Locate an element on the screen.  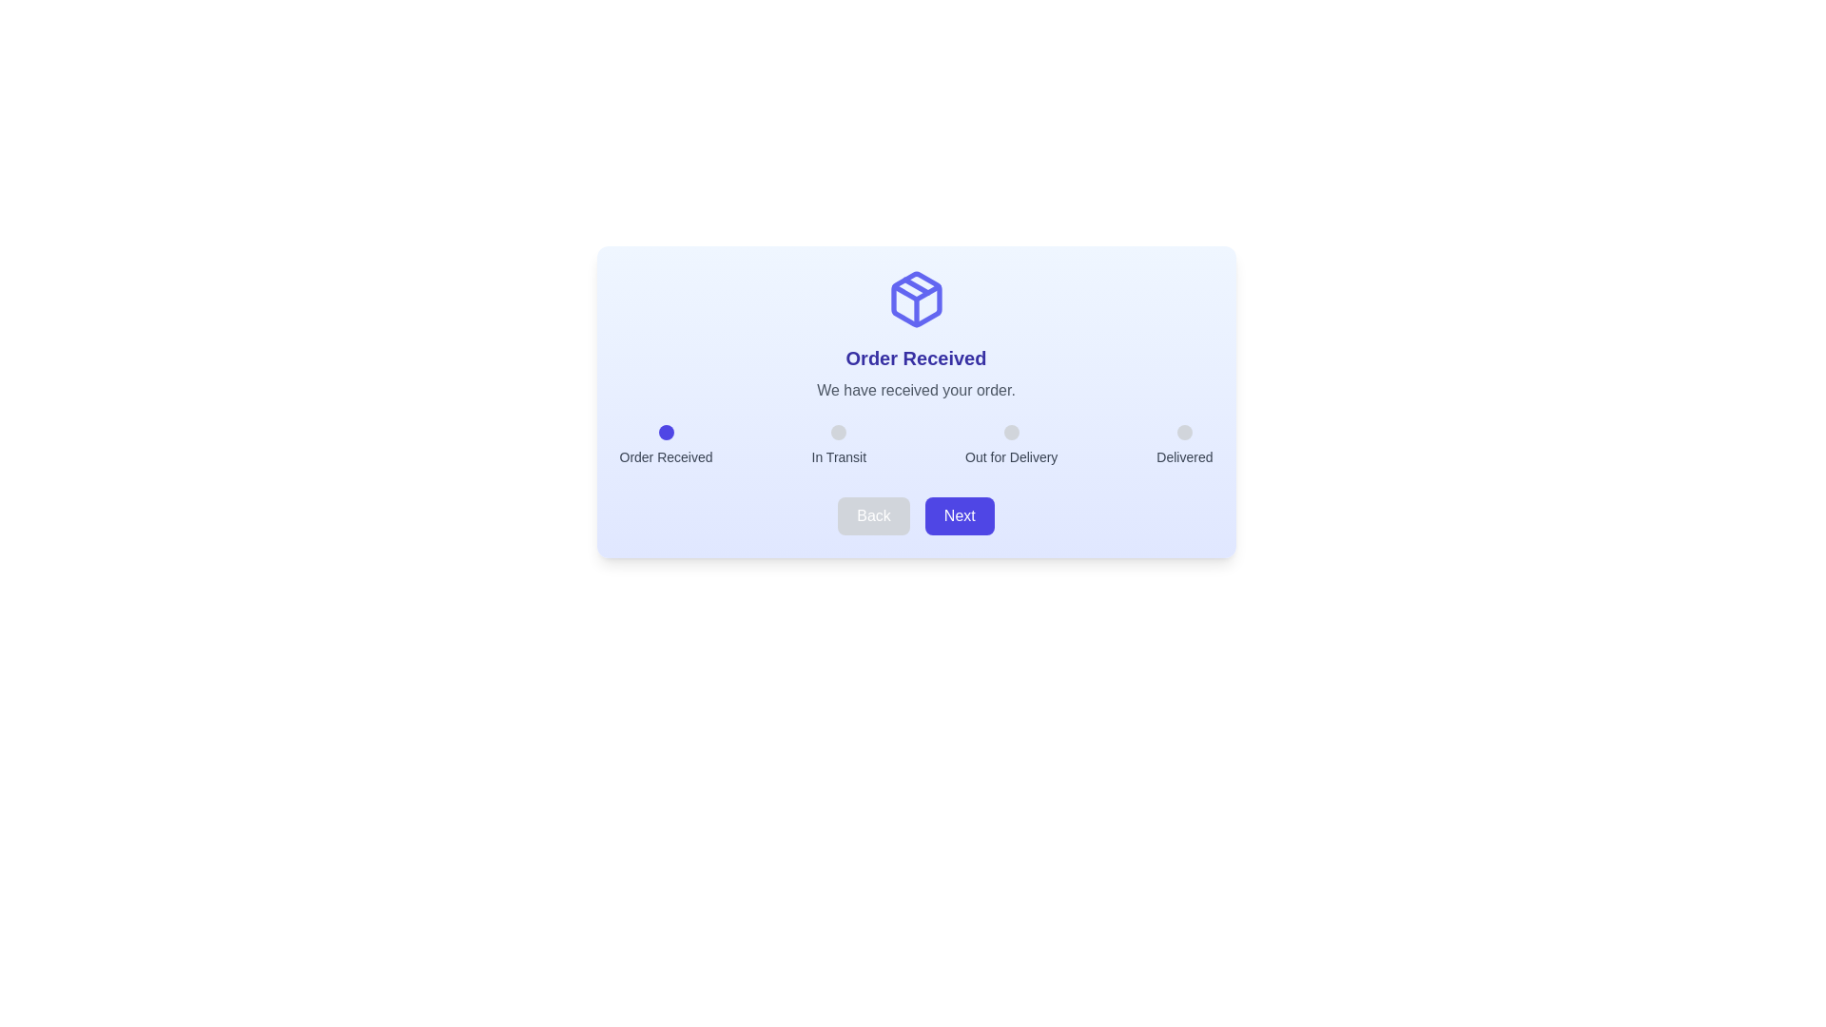
the step indicator for Delivered to highlight it is located at coordinates (1183, 433).